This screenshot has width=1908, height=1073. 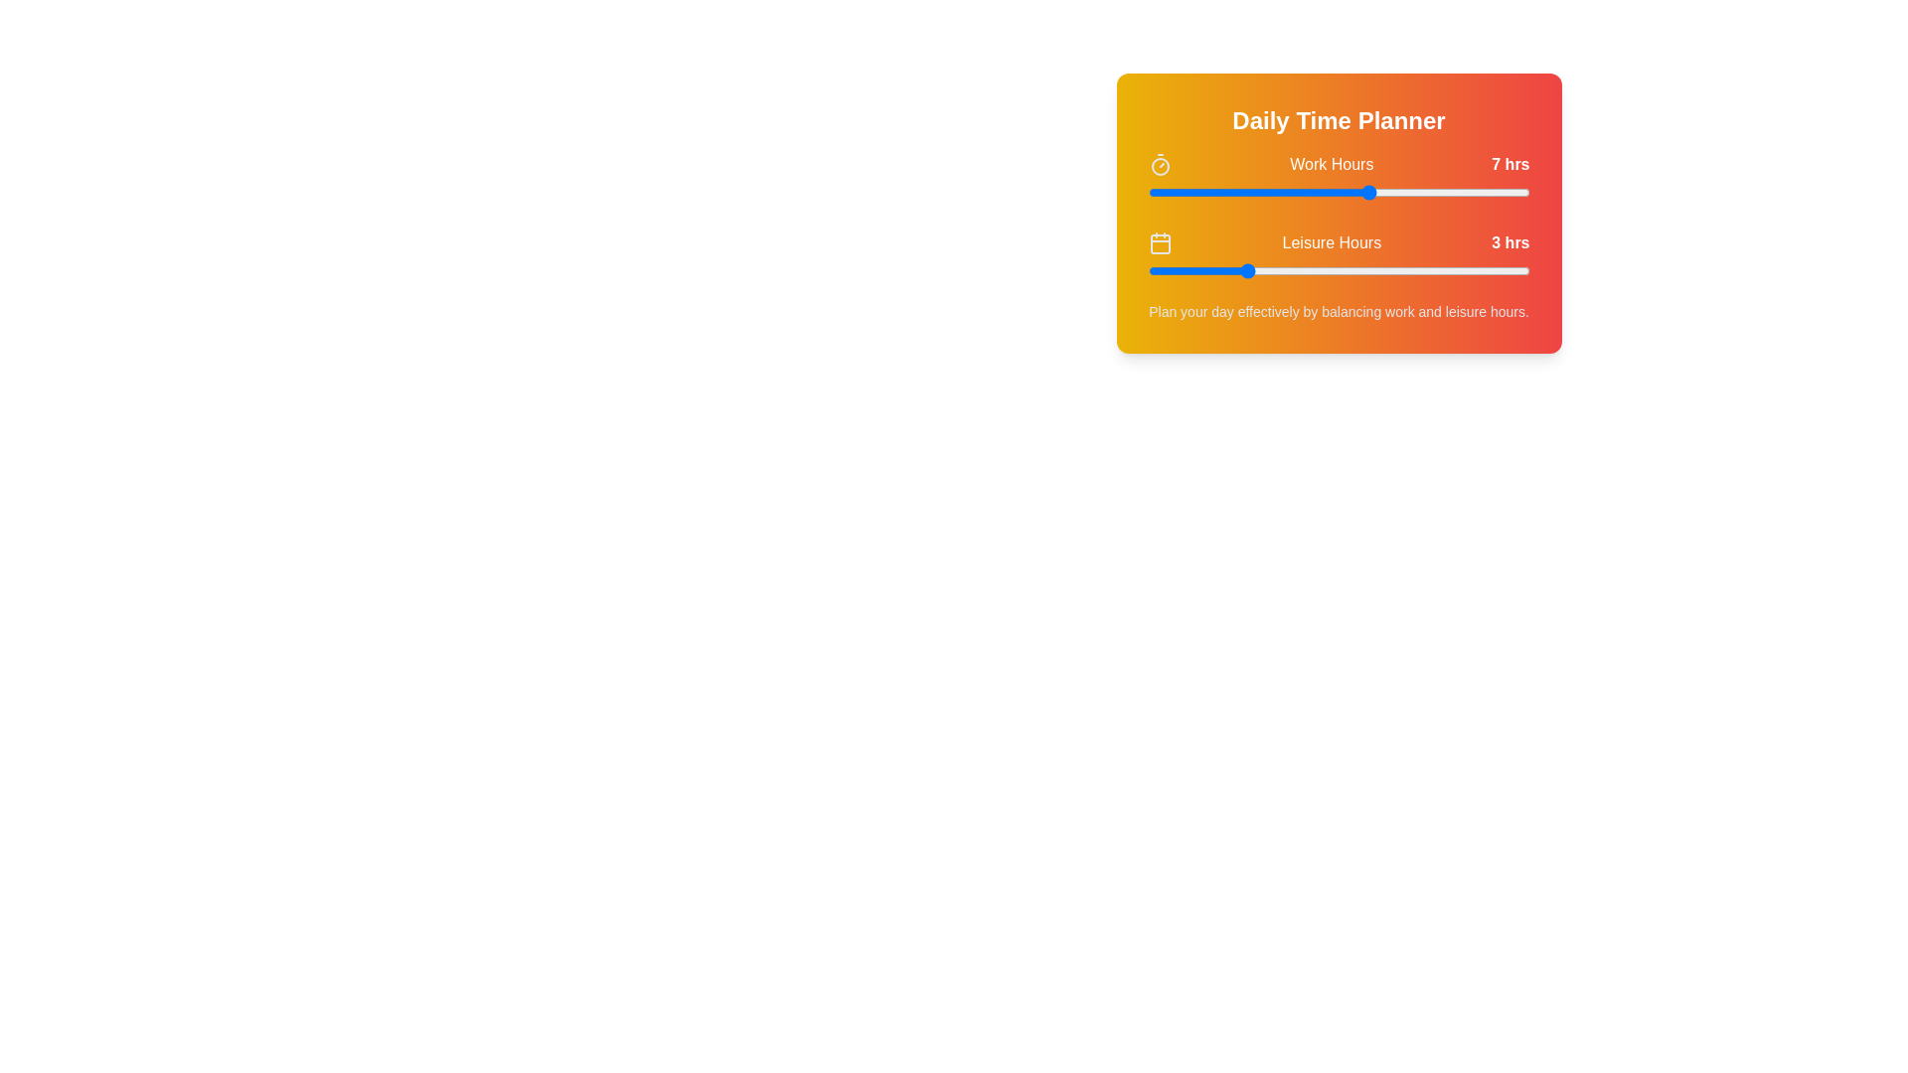 What do you see at coordinates (1339, 163) in the screenshot?
I see `the informative display that shows the selected work hours, specifically the section labeled 'Work Hours' with the current value of '7 hrs' and the clock icon on the left` at bounding box center [1339, 163].